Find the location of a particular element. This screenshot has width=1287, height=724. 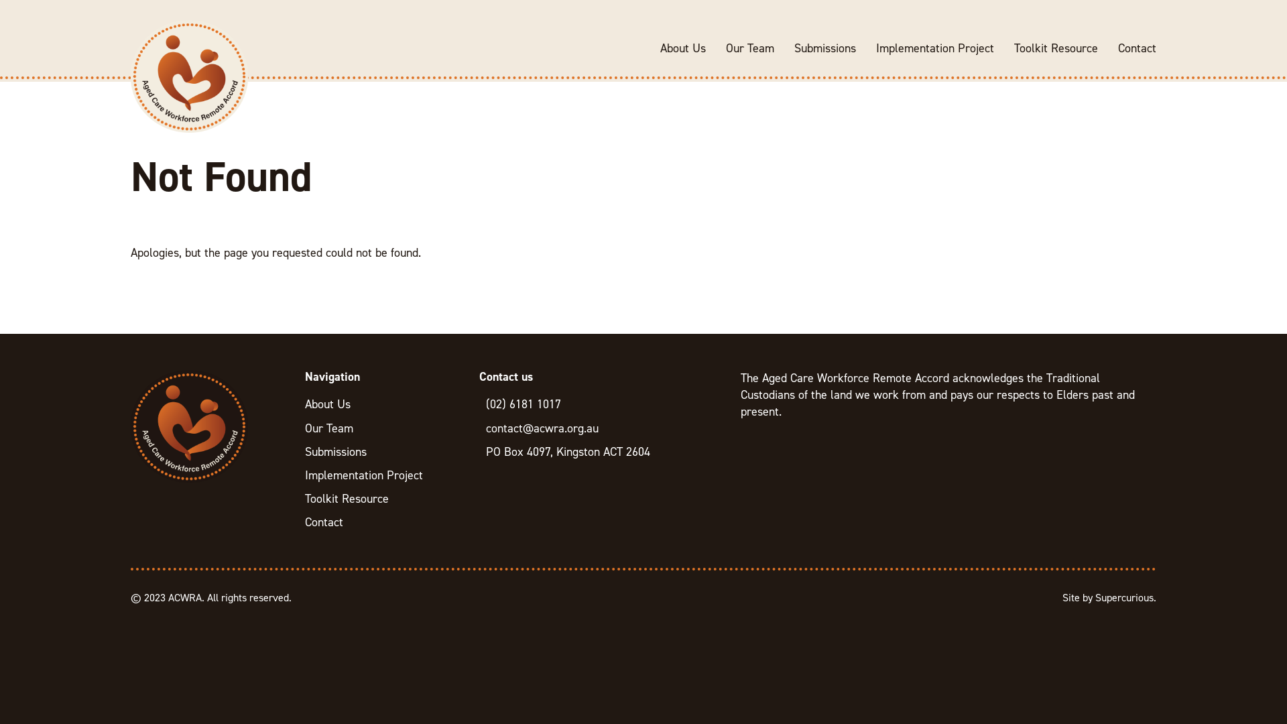

'Toolkit Resource' is located at coordinates (381, 499).